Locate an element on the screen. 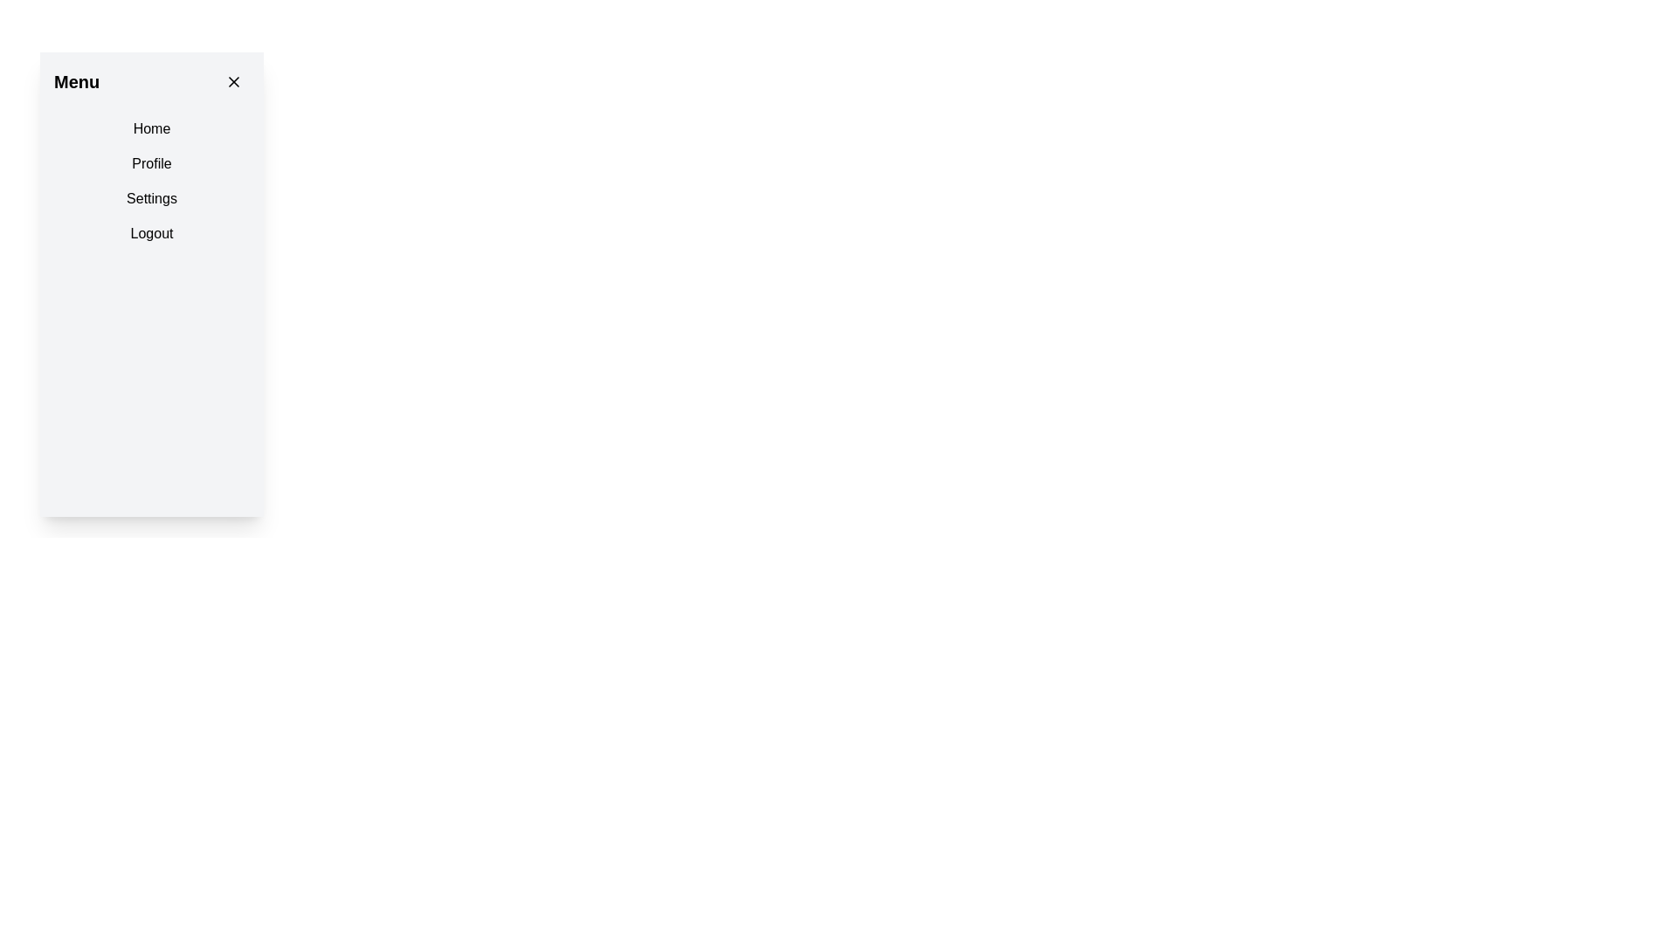 Image resolution: width=1677 pixels, height=943 pixels. the 'Log Out' text button located at the bottom of the menu list is located at coordinates (151, 232).